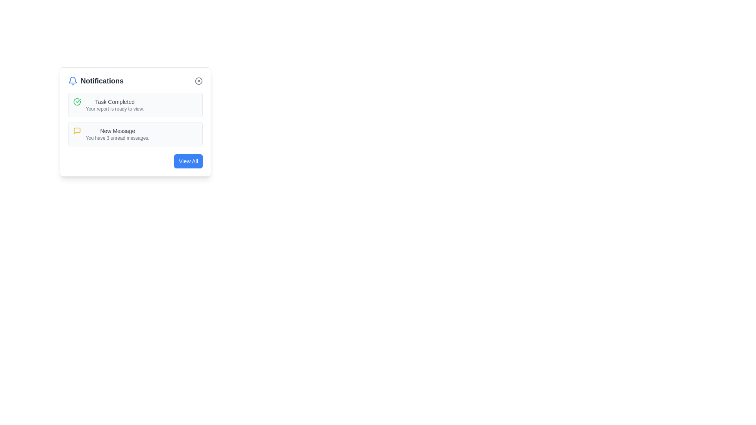 Image resolution: width=756 pixels, height=425 pixels. I want to click on the icon representing new messages located to the left of the 'New Message' text in the notification section, so click(77, 130).